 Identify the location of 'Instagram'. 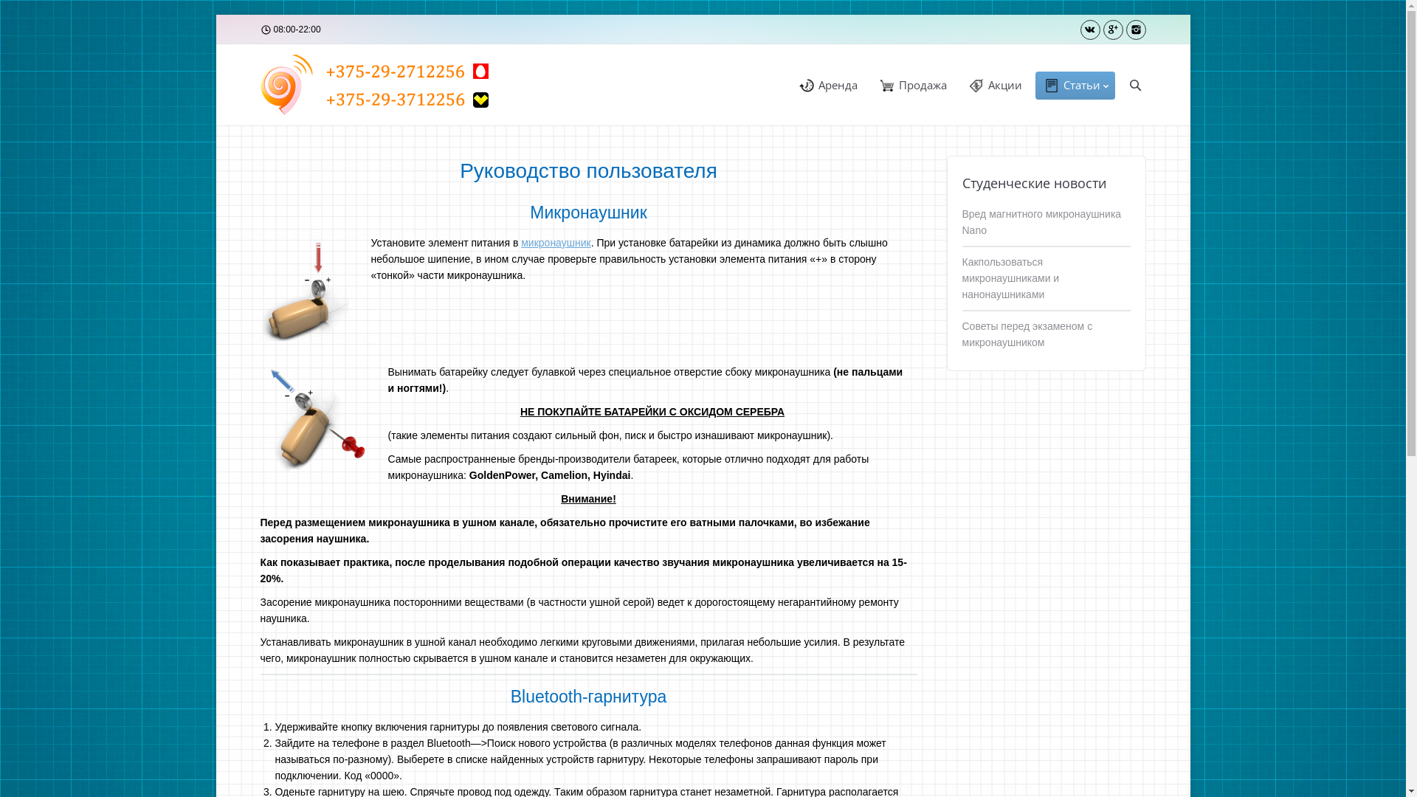
(1135, 30).